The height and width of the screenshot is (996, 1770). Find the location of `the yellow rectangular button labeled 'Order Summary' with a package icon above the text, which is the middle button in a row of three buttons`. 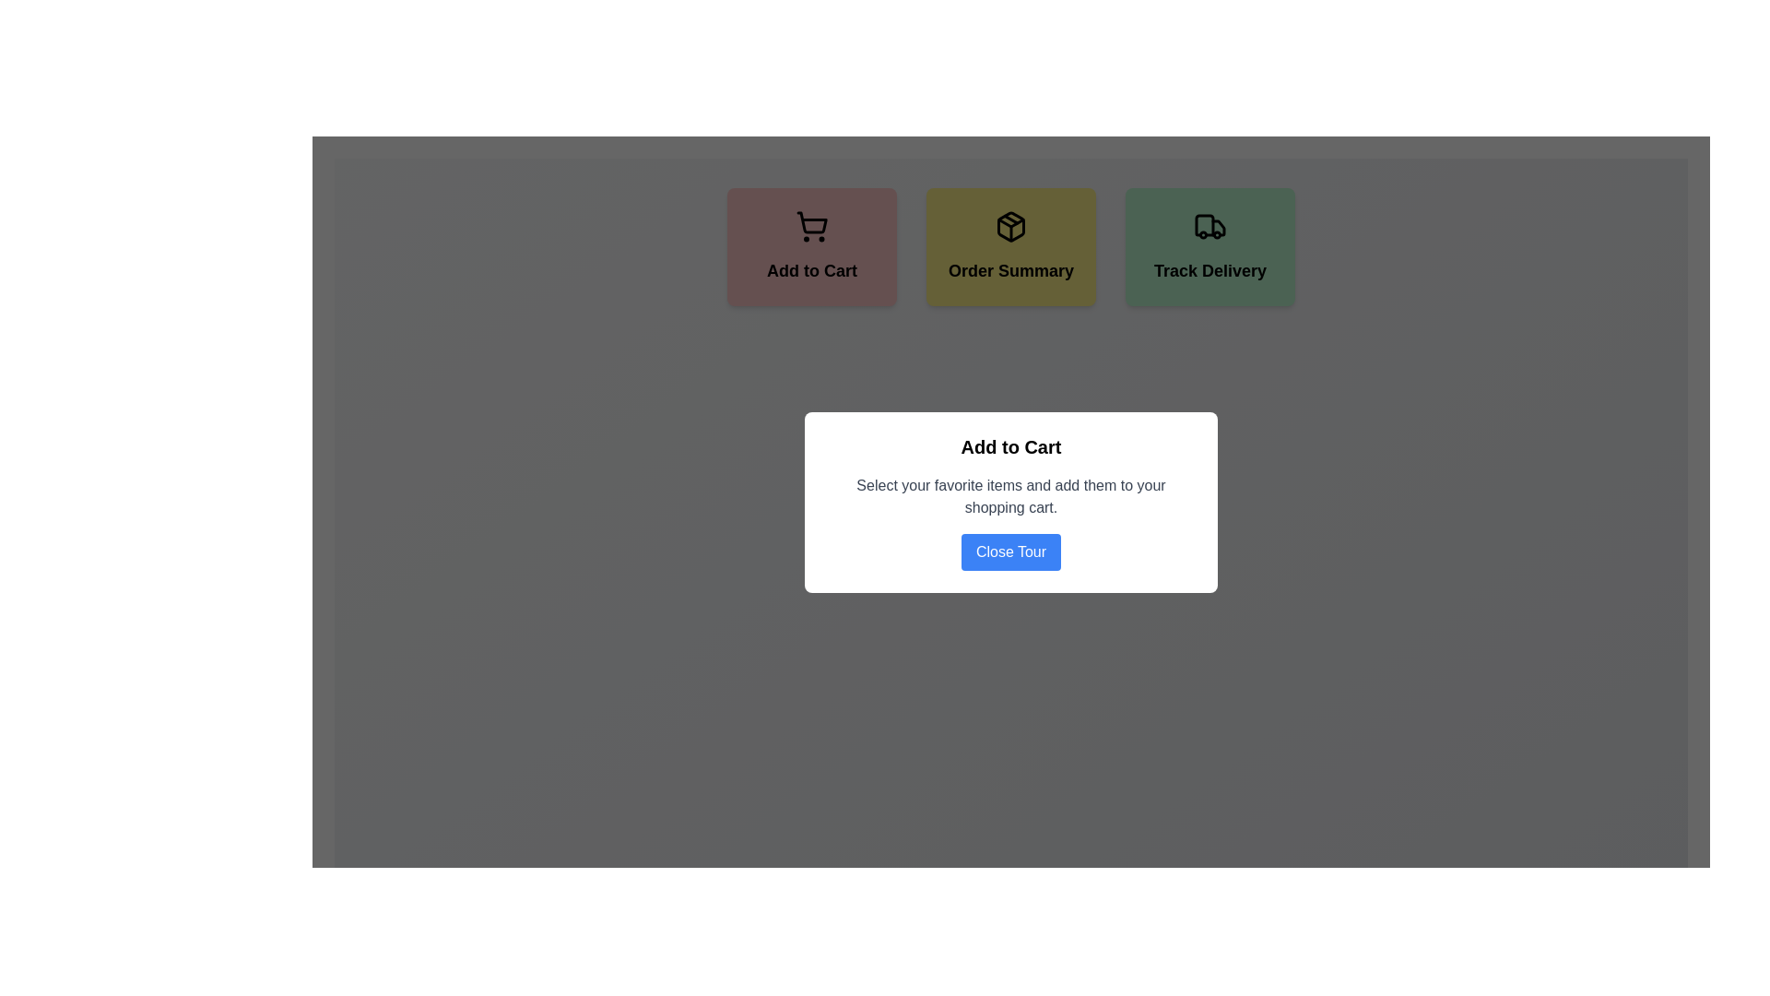

the yellow rectangular button labeled 'Order Summary' with a package icon above the text, which is the middle button in a row of three buttons is located at coordinates (1010, 245).